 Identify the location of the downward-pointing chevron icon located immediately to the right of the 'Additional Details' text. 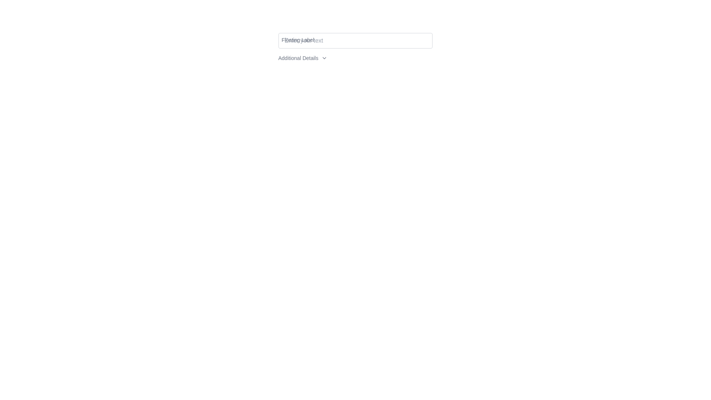
(324, 58).